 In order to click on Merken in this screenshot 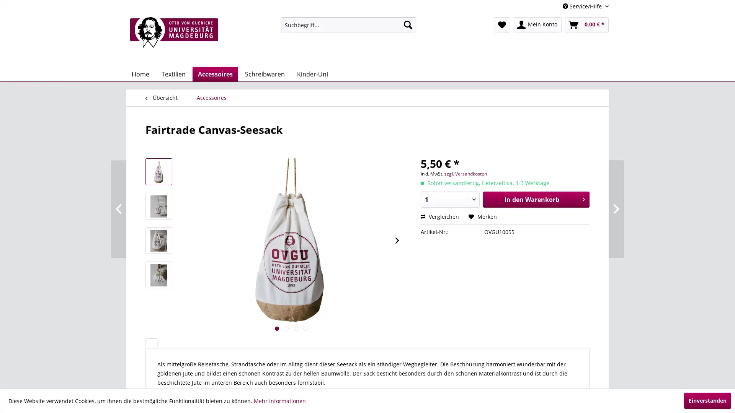, I will do `click(482, 216)`.